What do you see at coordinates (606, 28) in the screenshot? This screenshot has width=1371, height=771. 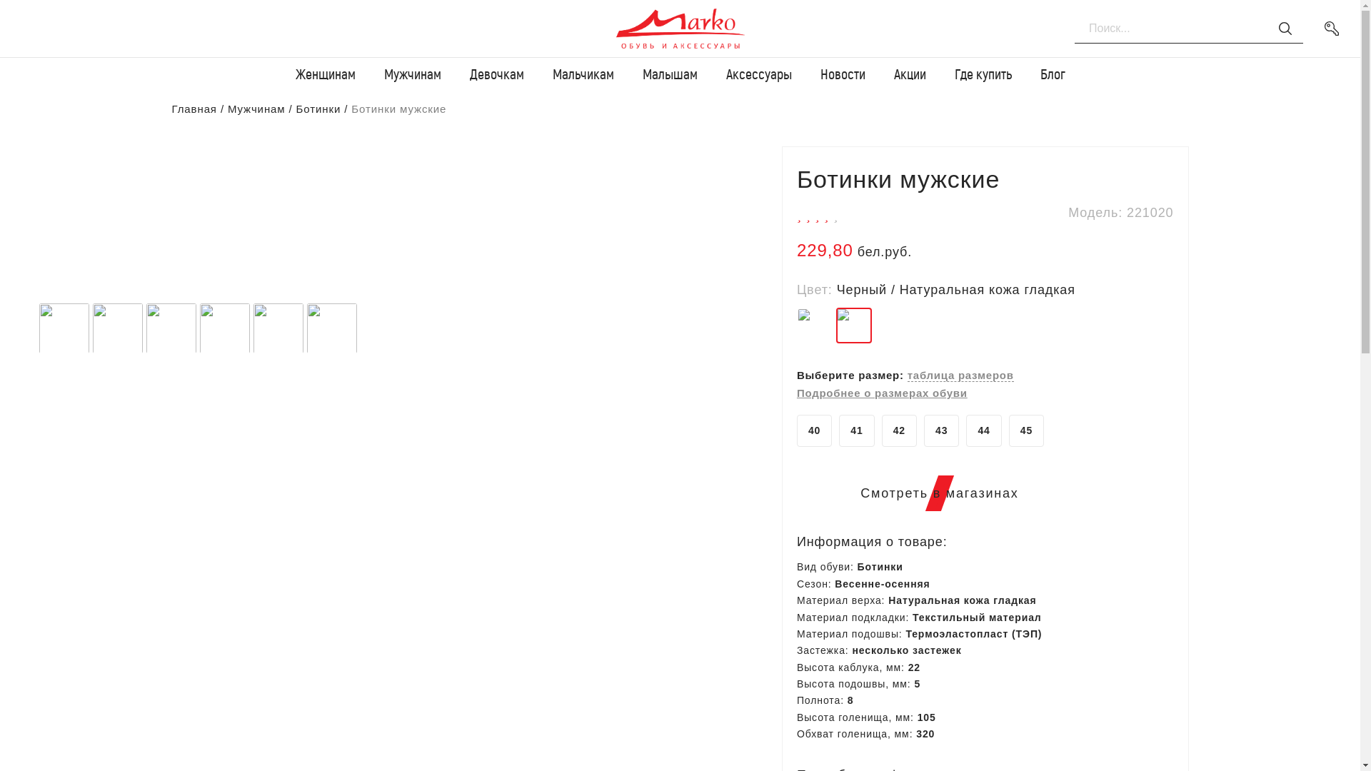 I see `'Marko'` at bounding box center [606, 28].